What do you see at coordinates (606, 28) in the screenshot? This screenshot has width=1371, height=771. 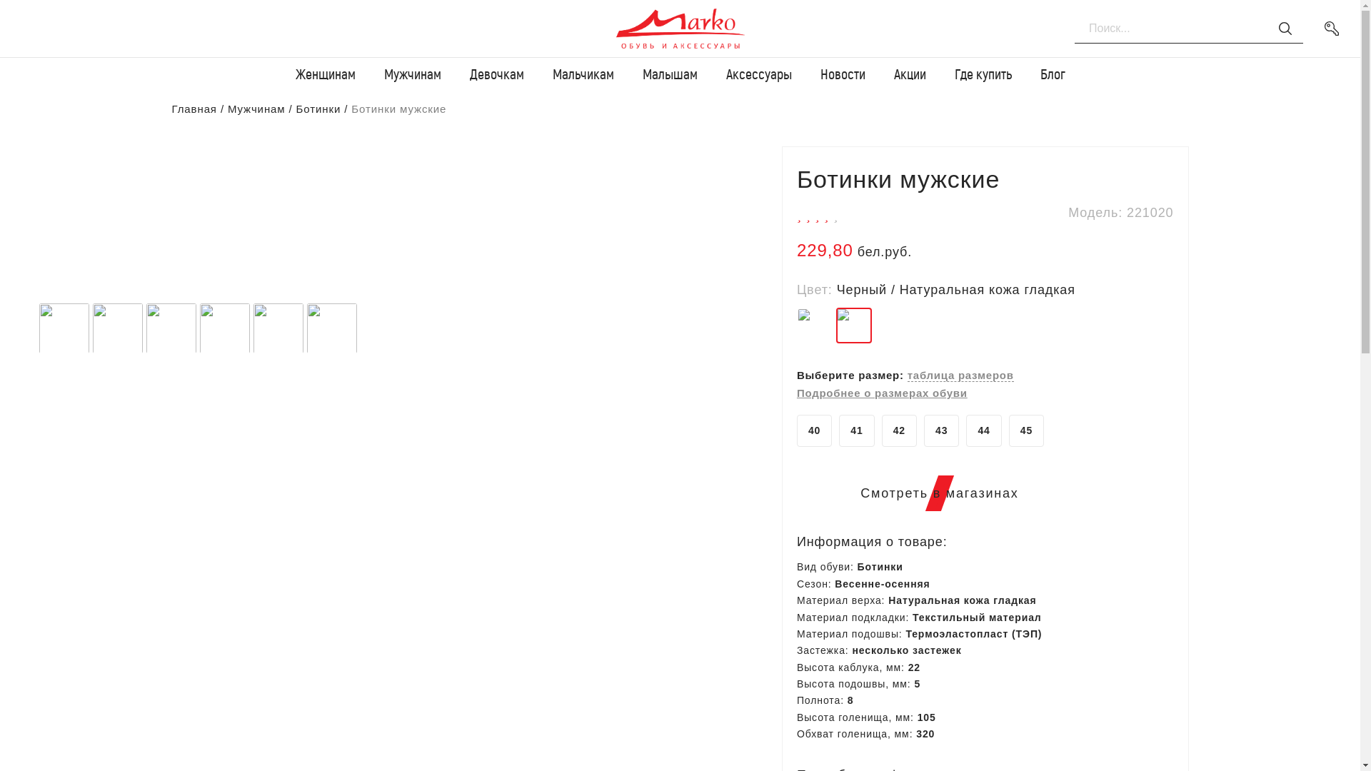 I see `'Marko'` at bounding box center [606, 28].